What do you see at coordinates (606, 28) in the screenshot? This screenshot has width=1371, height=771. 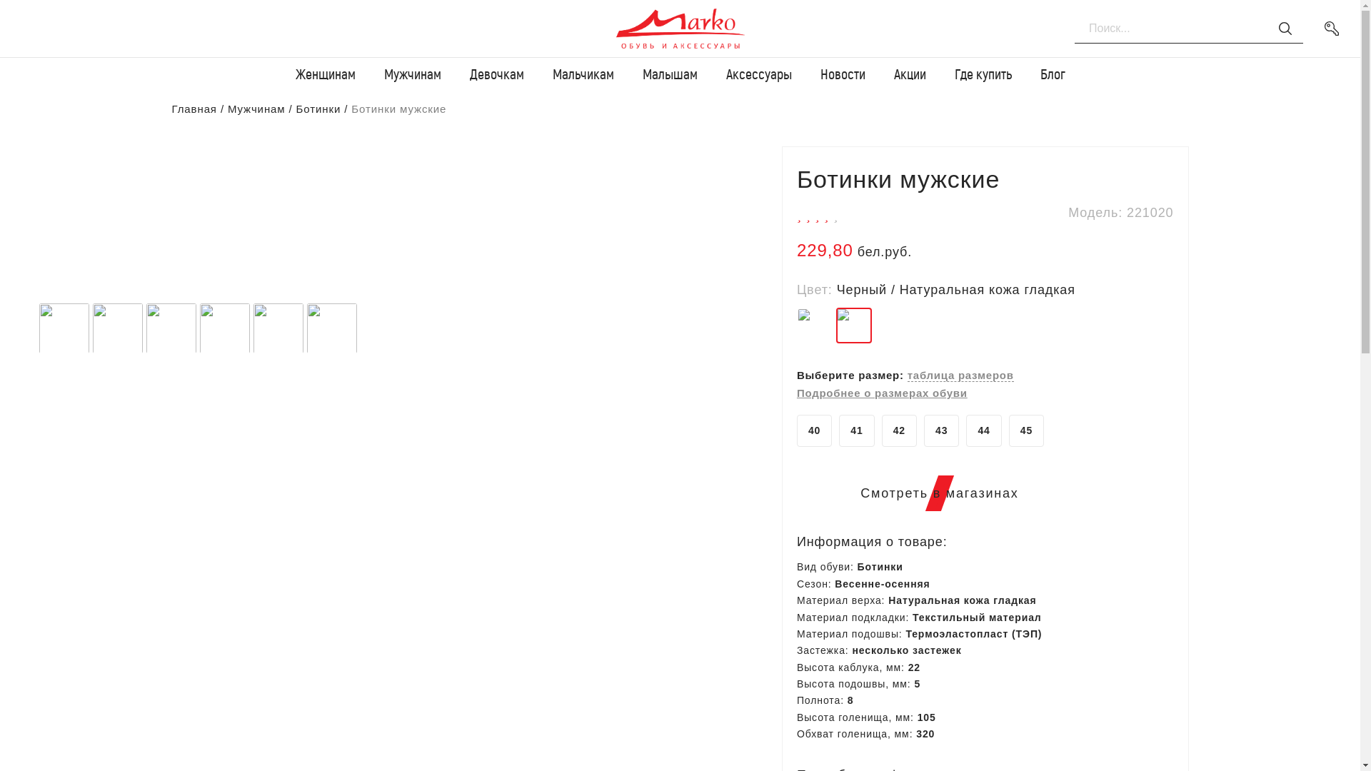 I see `'Marko'` at bounding box center [606, 28].